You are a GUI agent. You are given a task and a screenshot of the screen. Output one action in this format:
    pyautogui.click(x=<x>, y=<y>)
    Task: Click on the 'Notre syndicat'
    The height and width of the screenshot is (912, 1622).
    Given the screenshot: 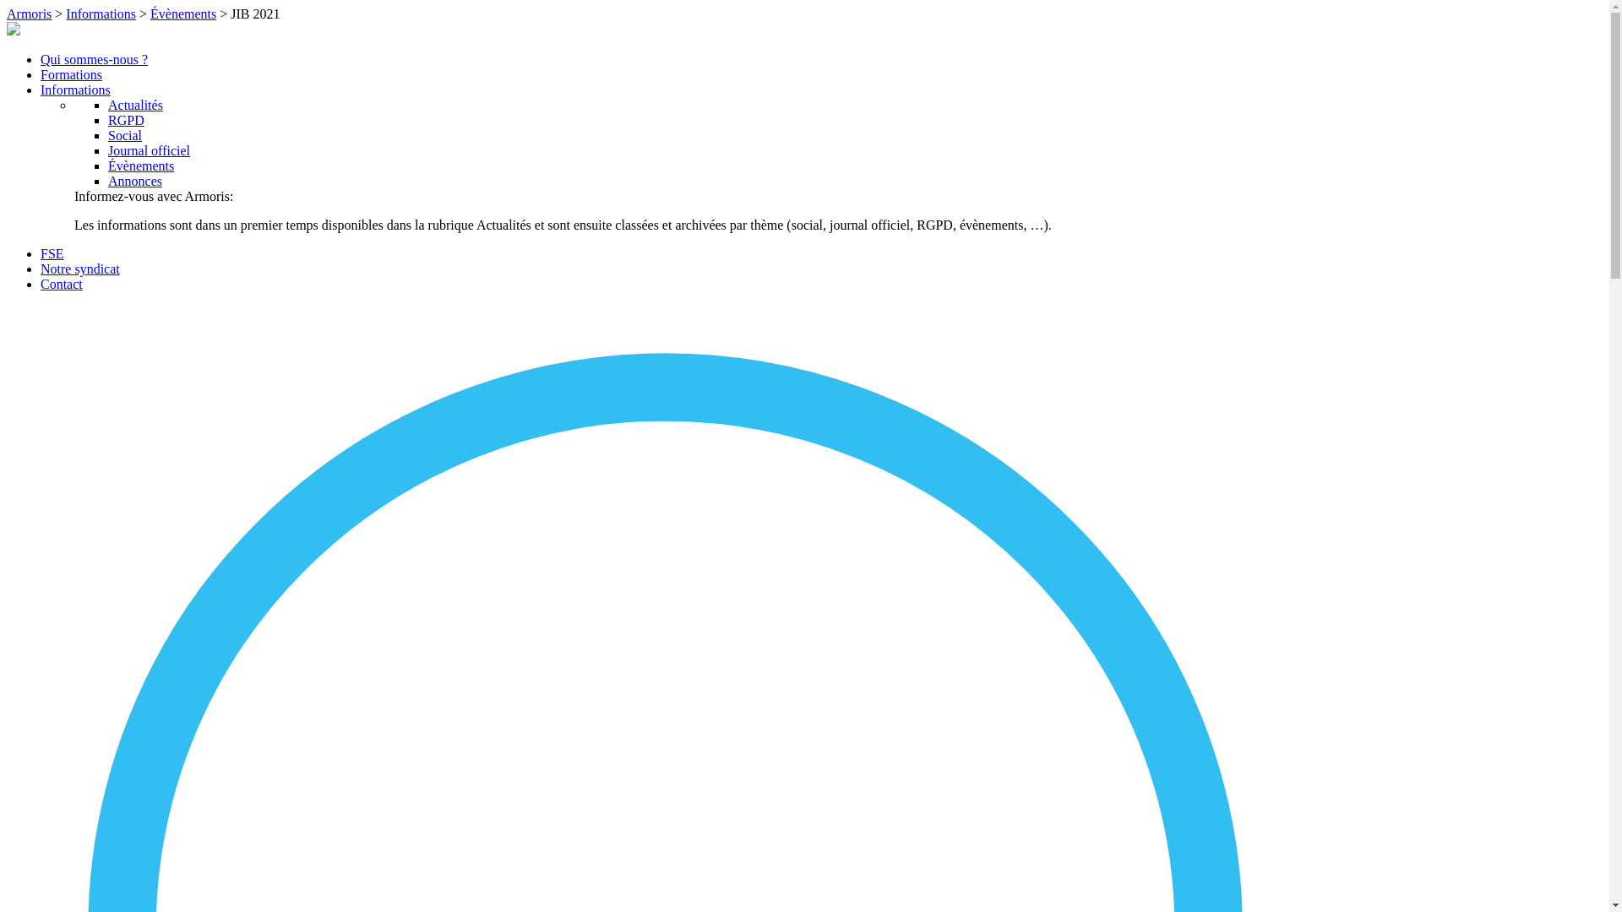 What is the action you would take?
    pyautogui.click(x=79, y=268)
    